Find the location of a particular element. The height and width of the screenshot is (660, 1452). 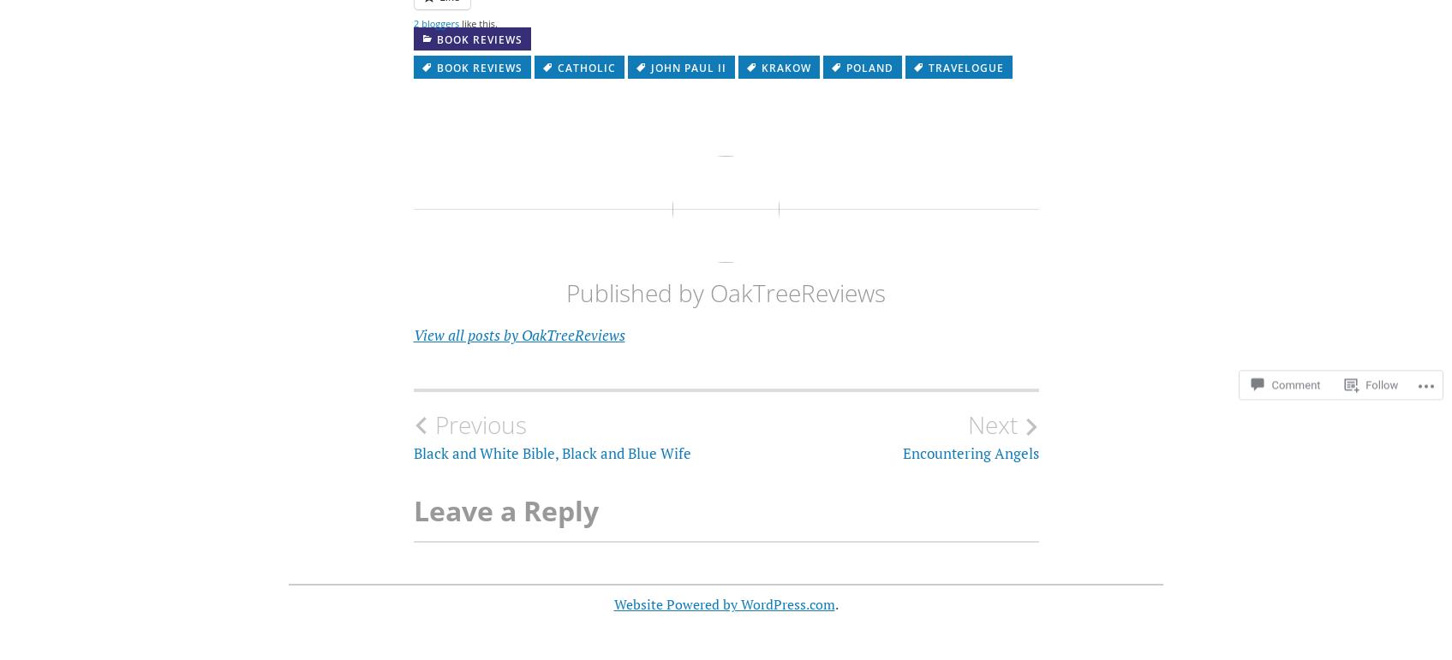

'Follow' is located at coordinates (1381, 368).